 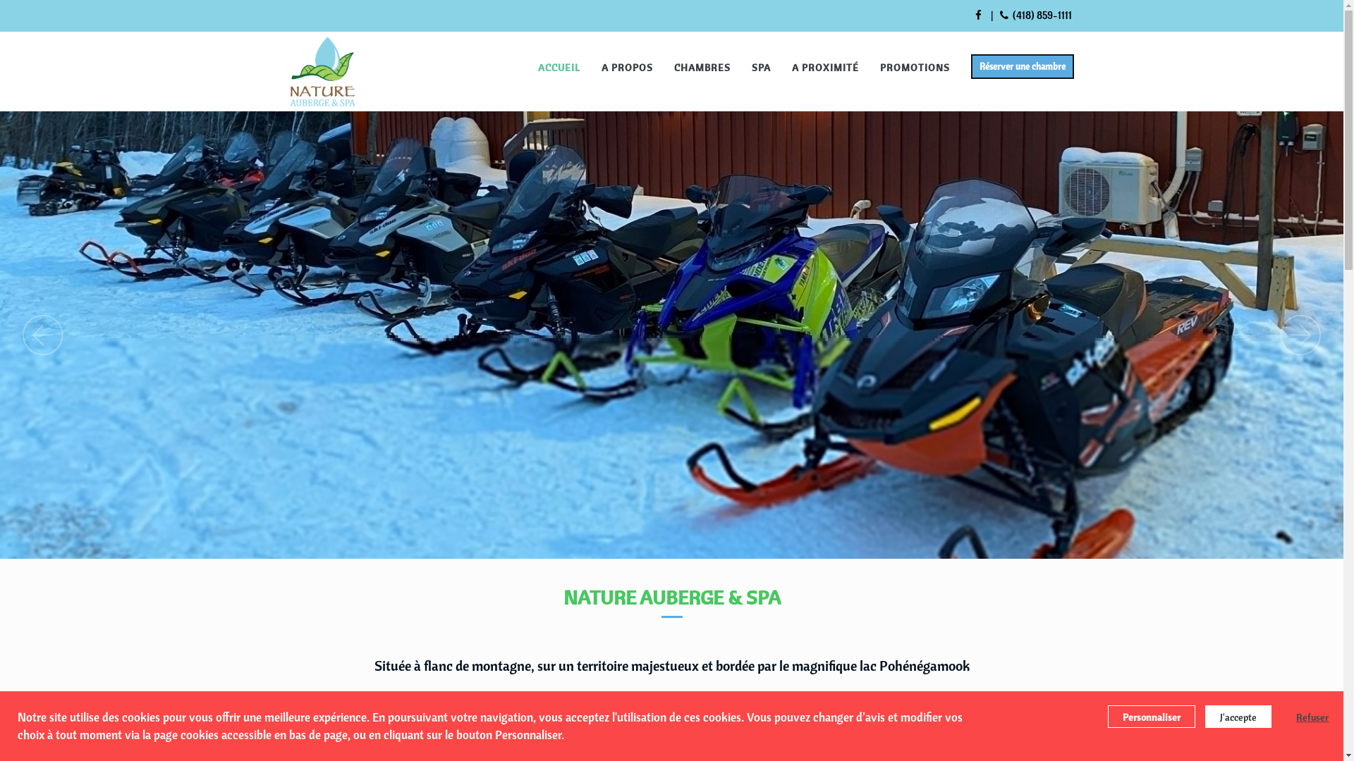 I want to click on 'A PROPOS', so click(x=626, y=67).